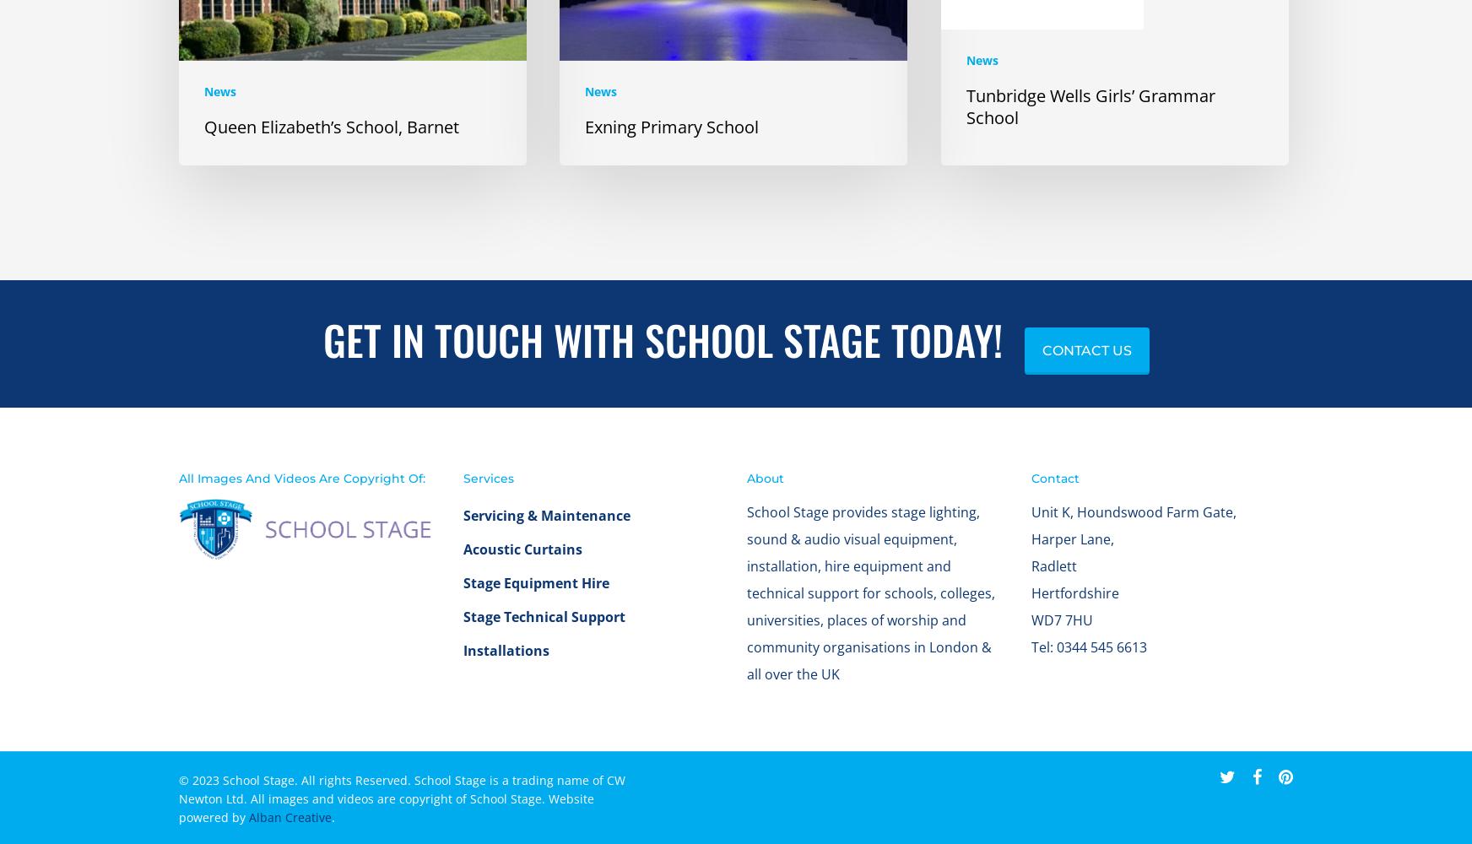  Describe the element at coordinates (671, 143) in the screenshot. I see `'Exning Primary School'` at that location.